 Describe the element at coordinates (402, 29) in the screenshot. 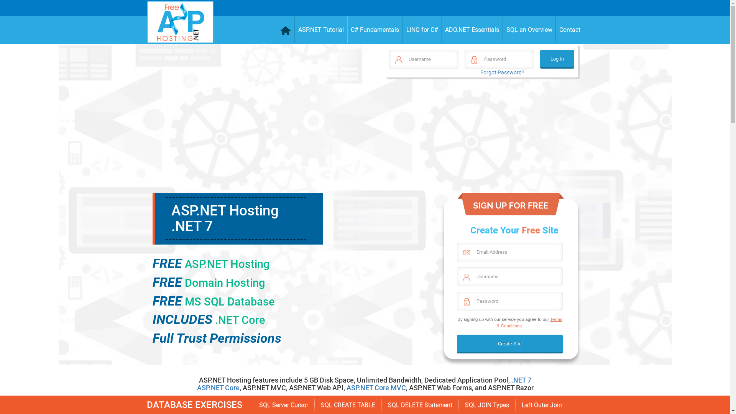

I see `'LINQ for C#'` at that location.